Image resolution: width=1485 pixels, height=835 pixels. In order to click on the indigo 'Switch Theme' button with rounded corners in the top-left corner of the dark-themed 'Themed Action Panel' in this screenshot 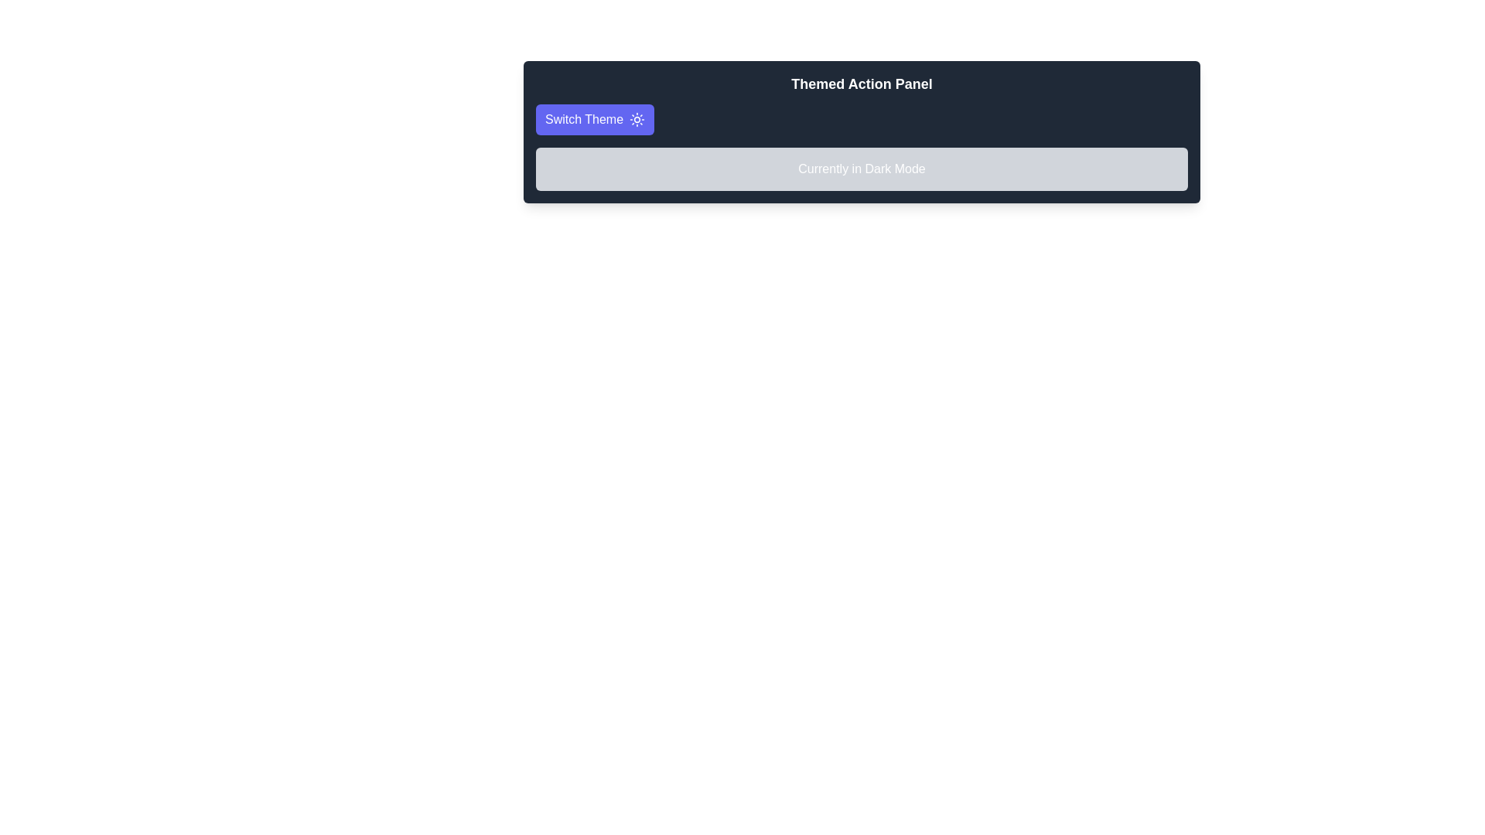, I will do `click(594, 118)`.